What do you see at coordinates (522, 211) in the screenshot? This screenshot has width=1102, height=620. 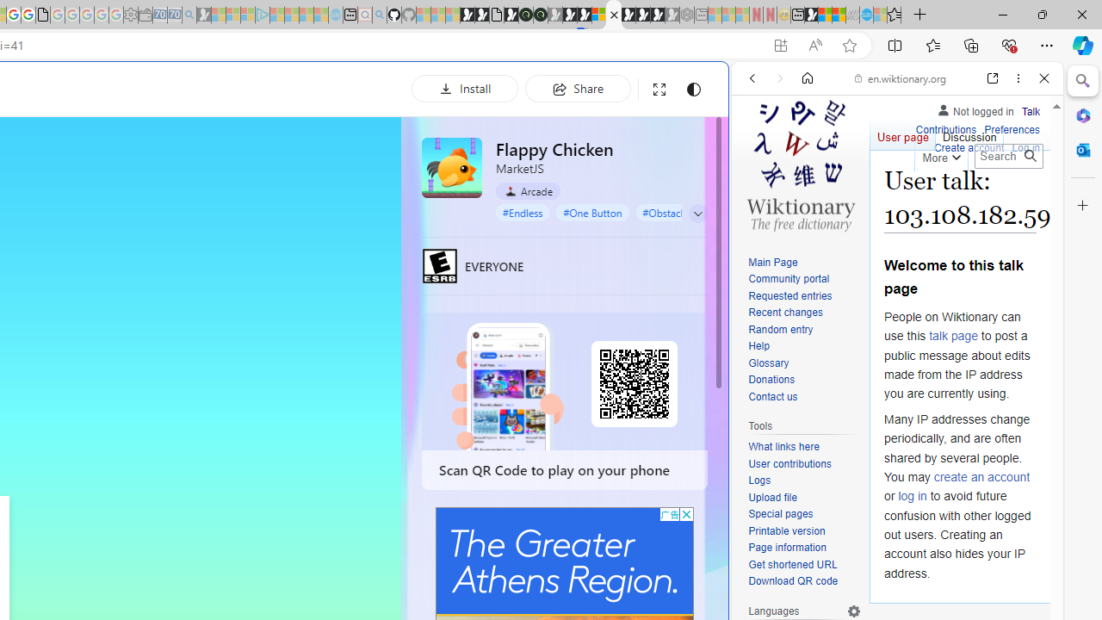 I see `'#Endless'` at bounding box center [522, 211].